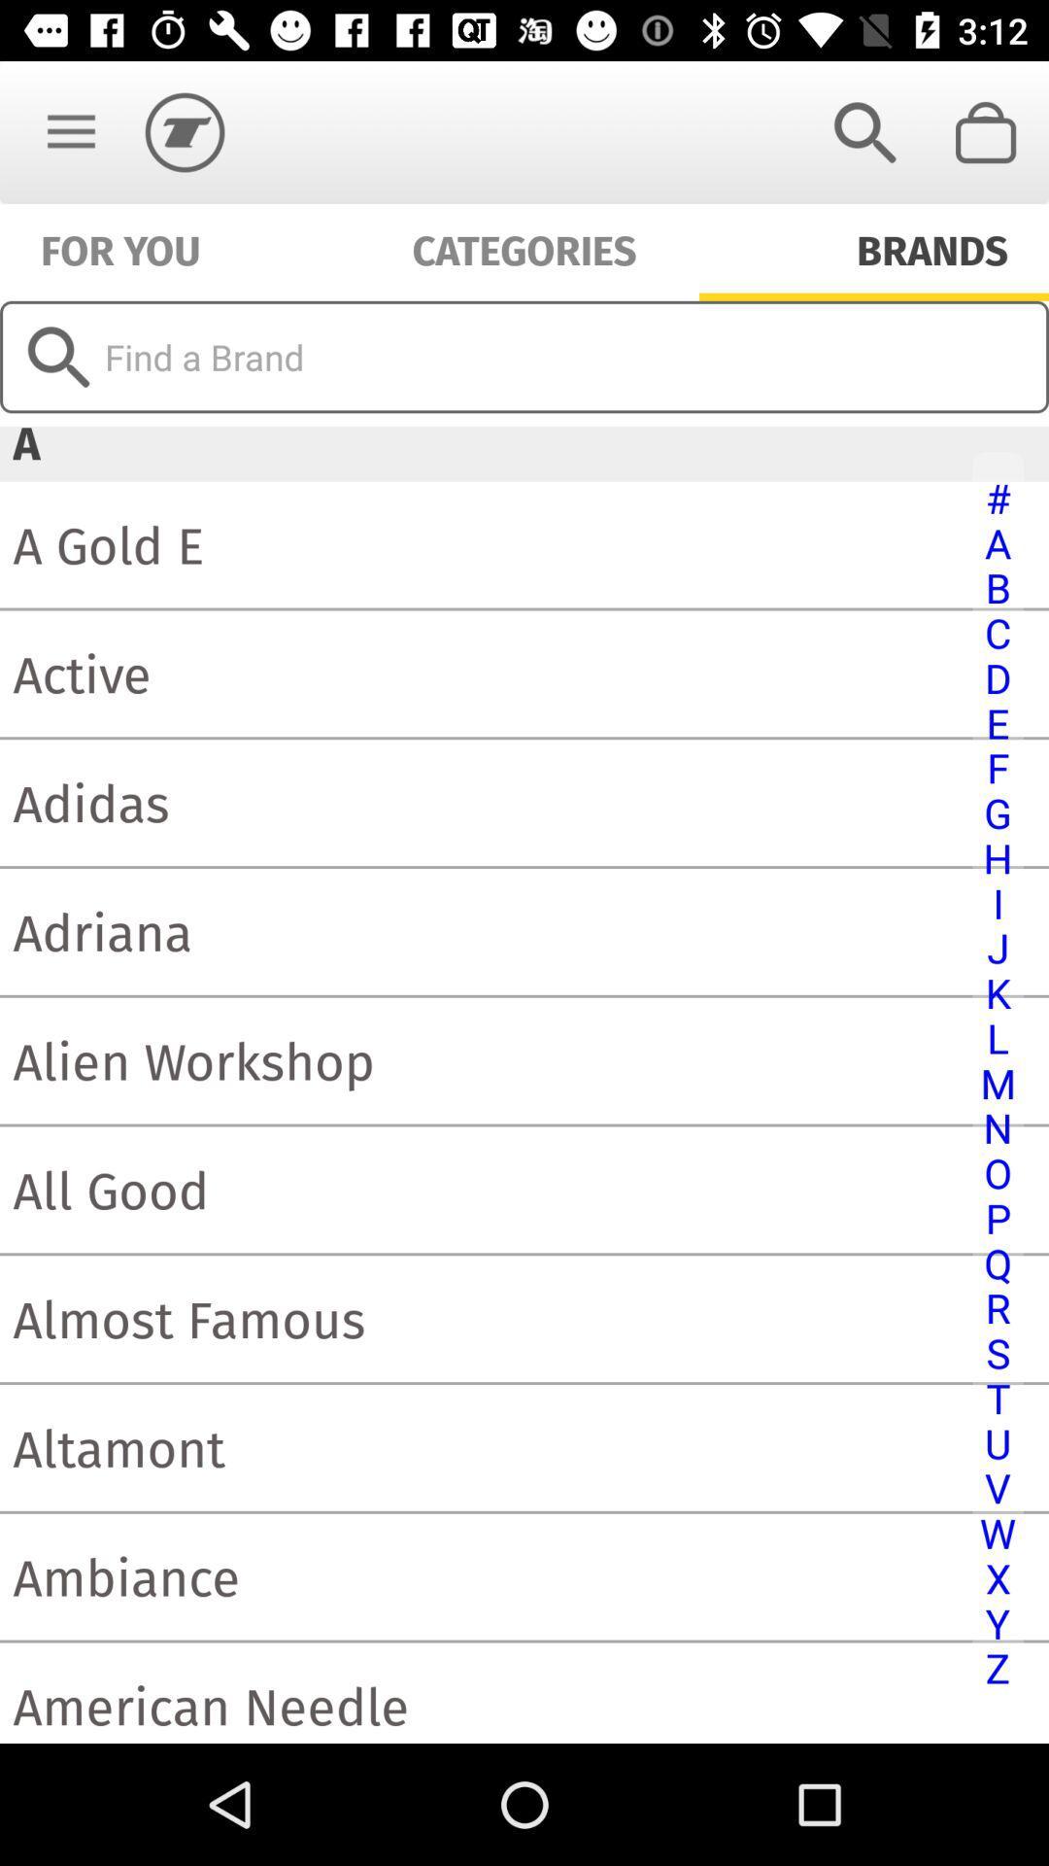 The height and width of the screenshot is (1866, 1049). Describe the element at coordinates (524, 357) in the screenshot. I see `search for specific brand` at that location.